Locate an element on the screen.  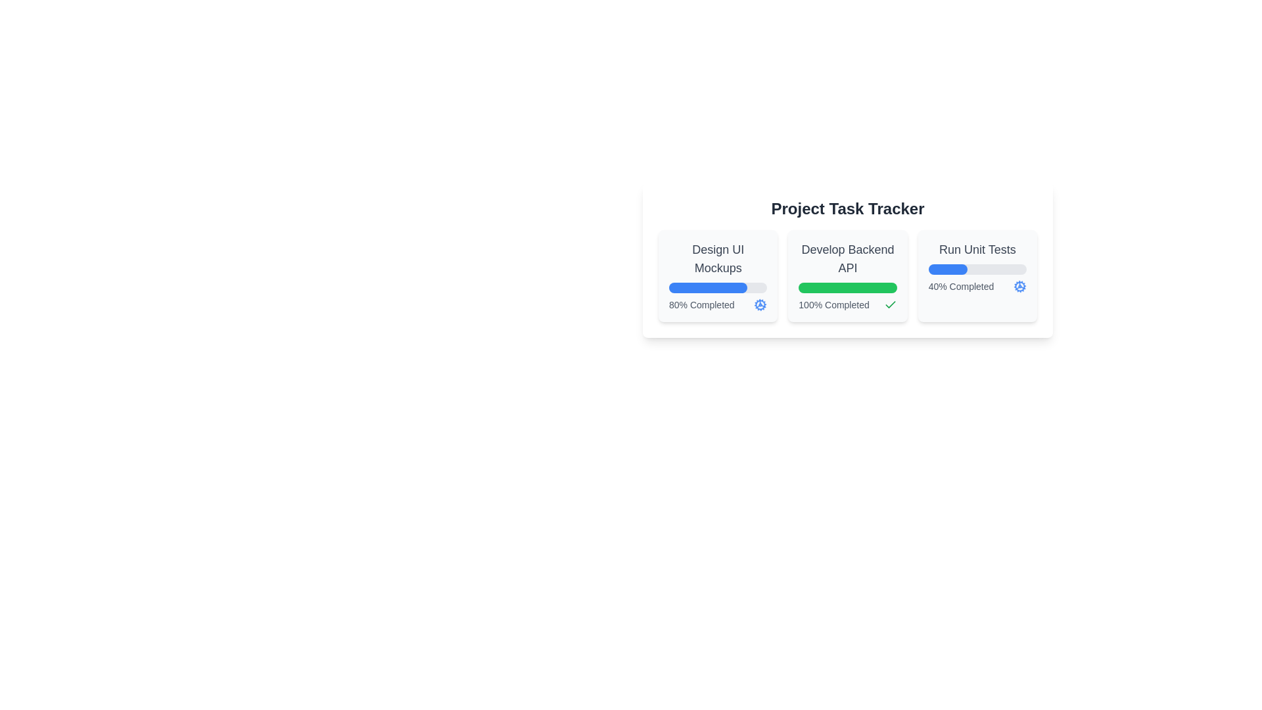
the text label displaying '40% Completed' within the 'Run Unit Tests' task progress card is located at coordinates (961, 285).